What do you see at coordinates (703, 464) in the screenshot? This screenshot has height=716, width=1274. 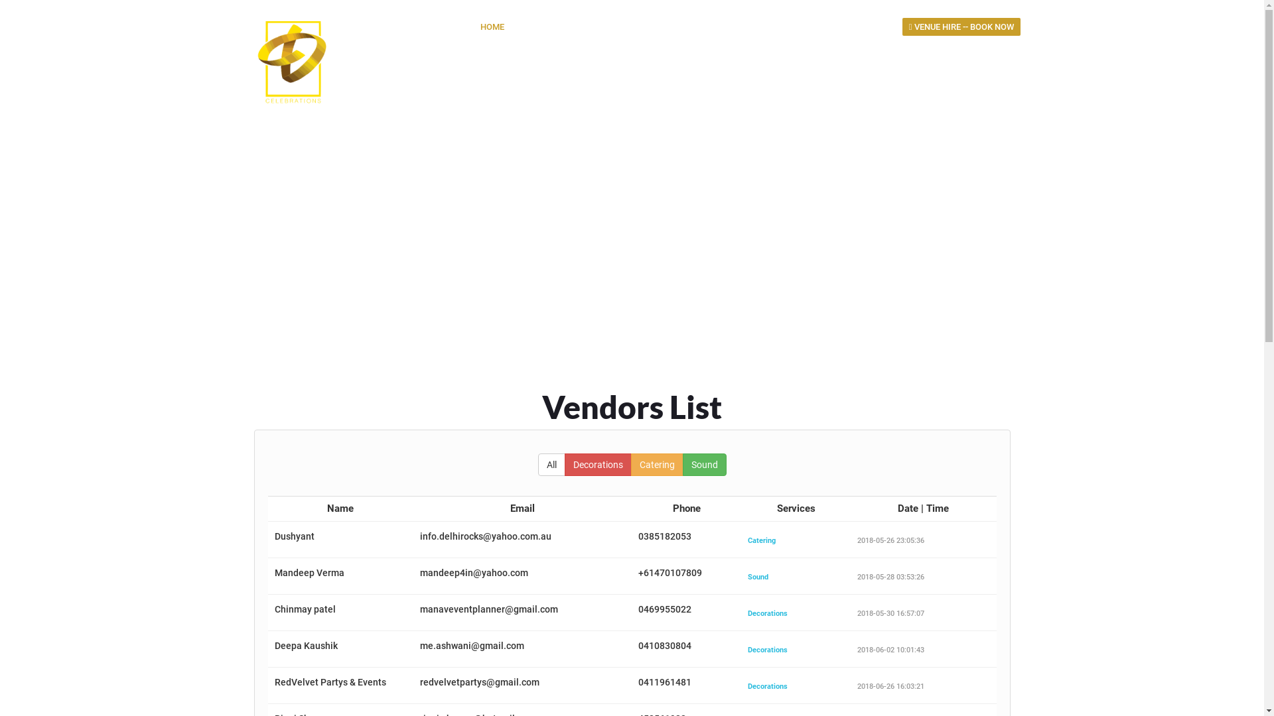 I see `'Sound'` at bounding box center [703, 464].